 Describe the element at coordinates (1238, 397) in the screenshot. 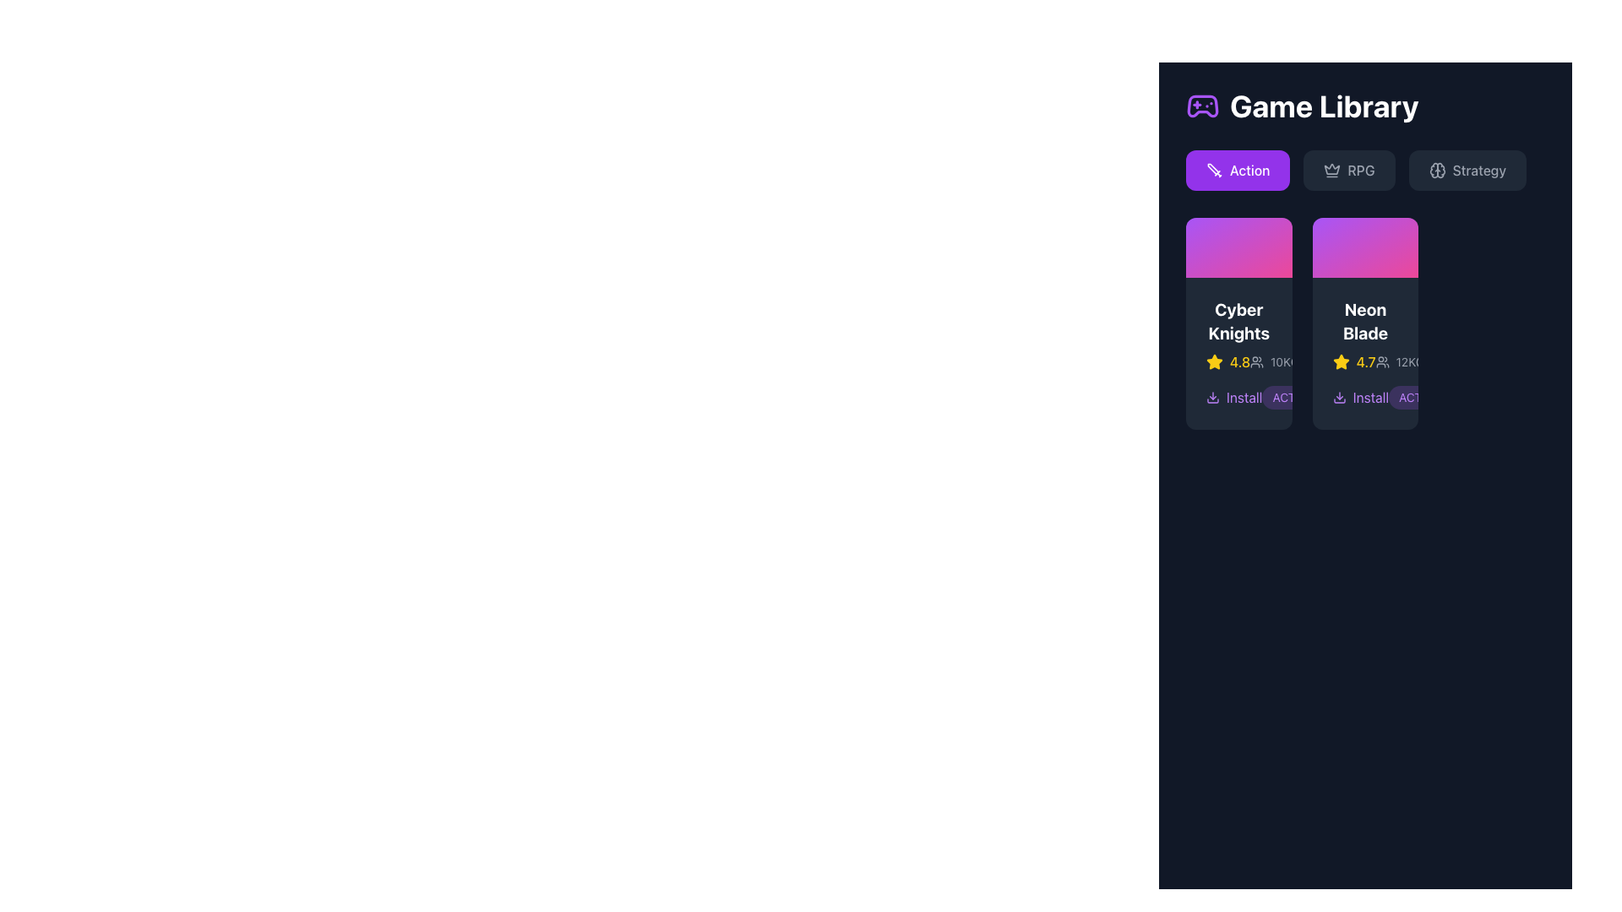

I see `the 'Install' button for the 'Cyber Knights' game located at the bottom center of the game card to initiate the installation or download process` at that location.